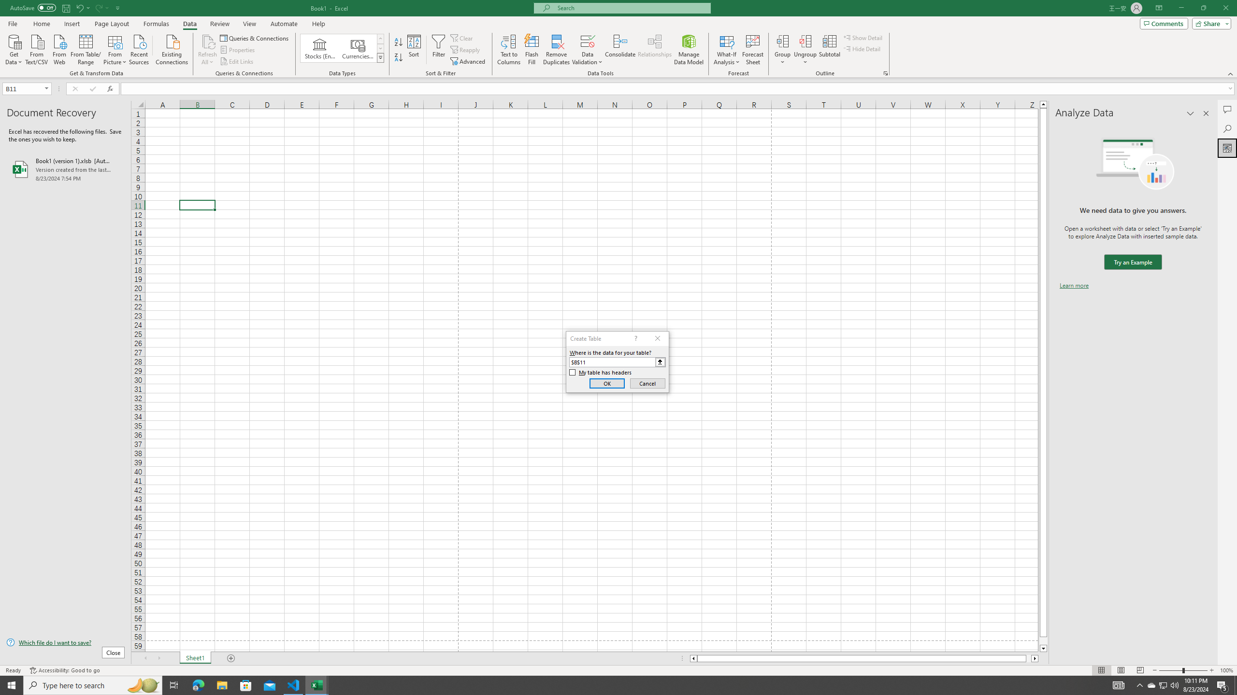 The width and height of the screenshot is (1237, 695). Describe the element at coordinates (343, 48) in the screenshot. I see `'AutomationID: ConvertToLinkedEntity'` at that location.